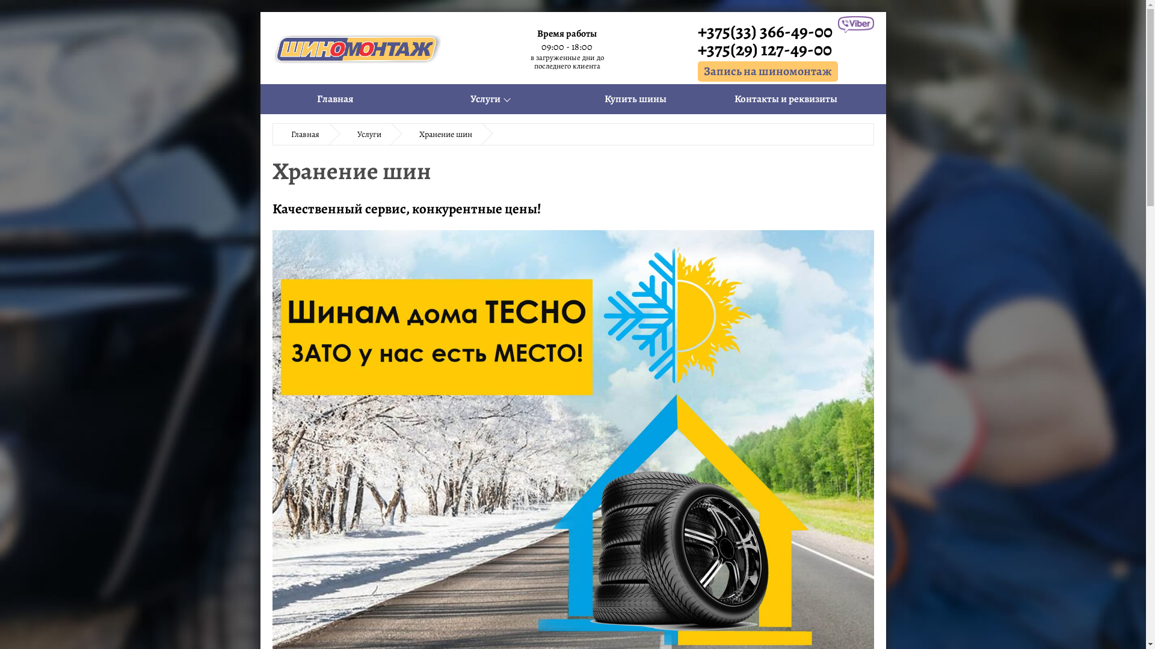  I want to click on '+375(29) 127-49-00', so click(767, 48).